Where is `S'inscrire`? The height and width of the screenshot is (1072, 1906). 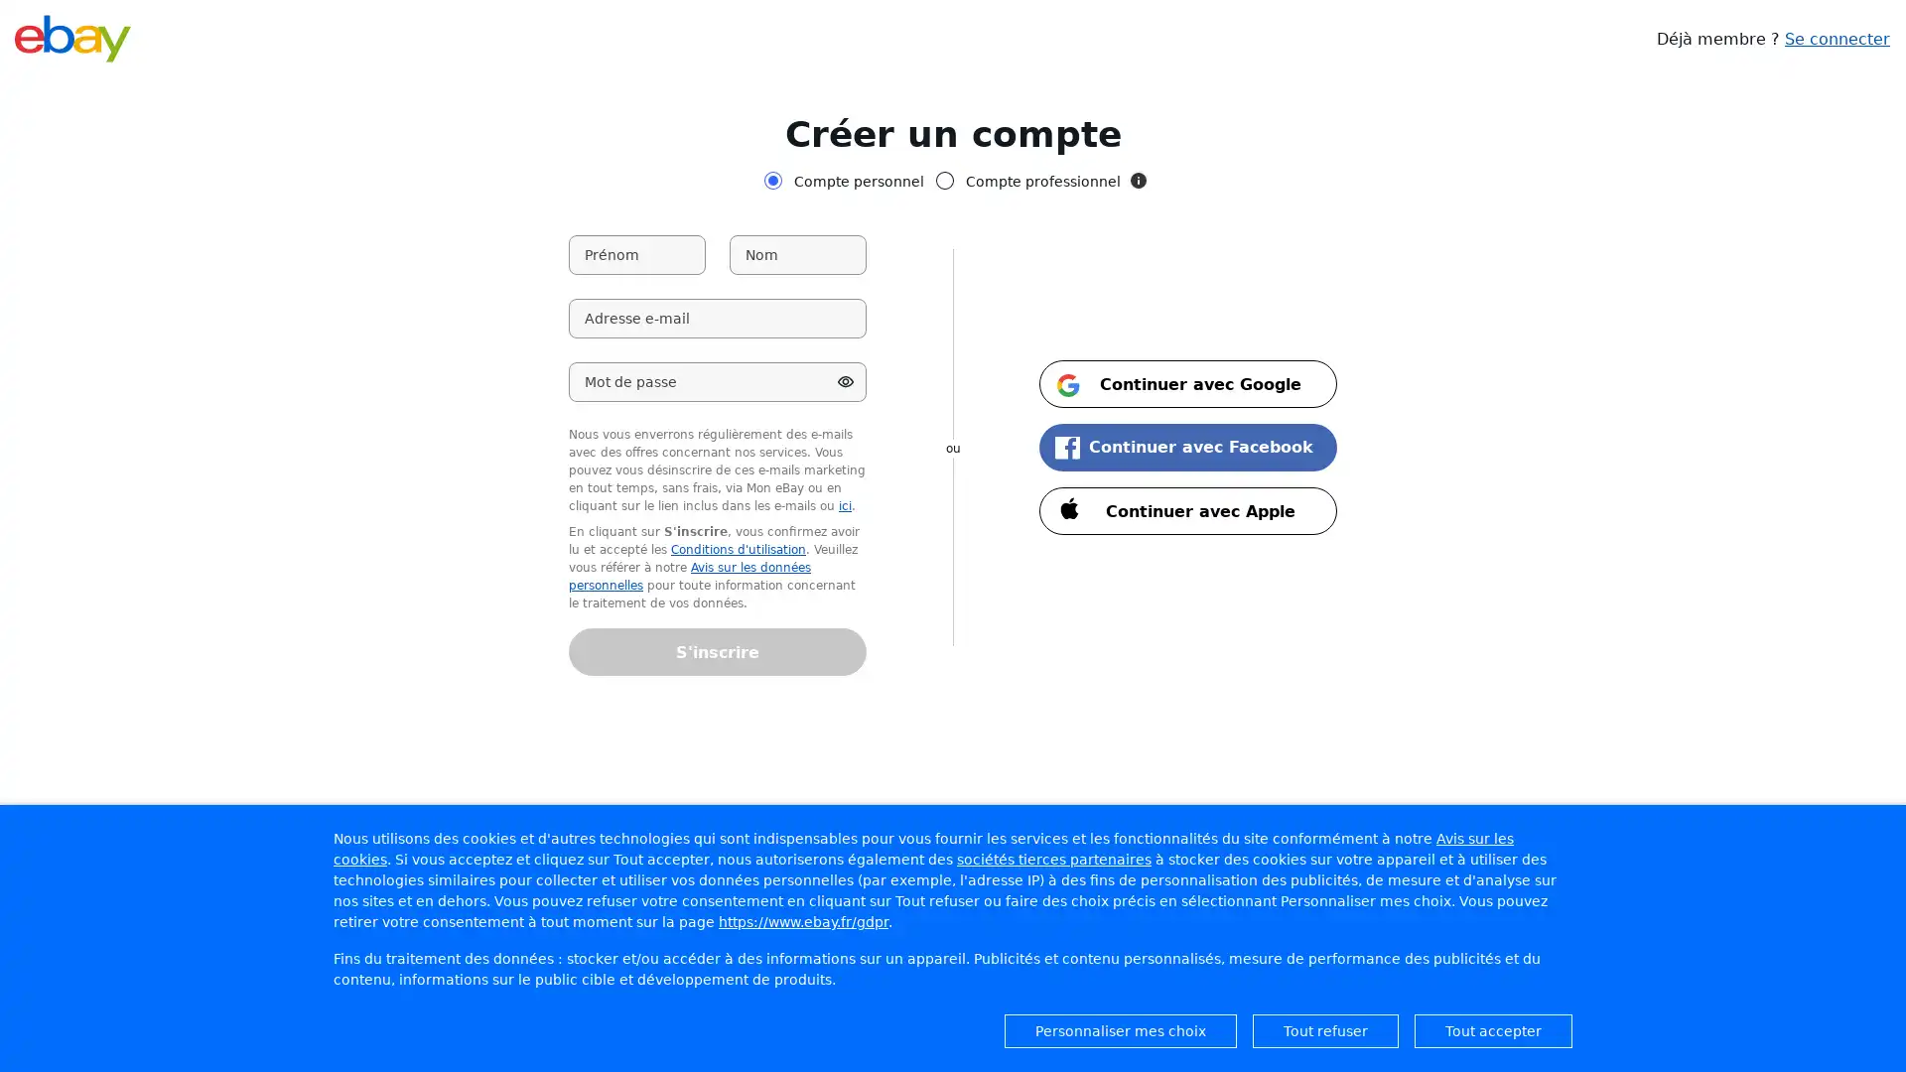
S'inscrire is located at coordinates (717, 651).